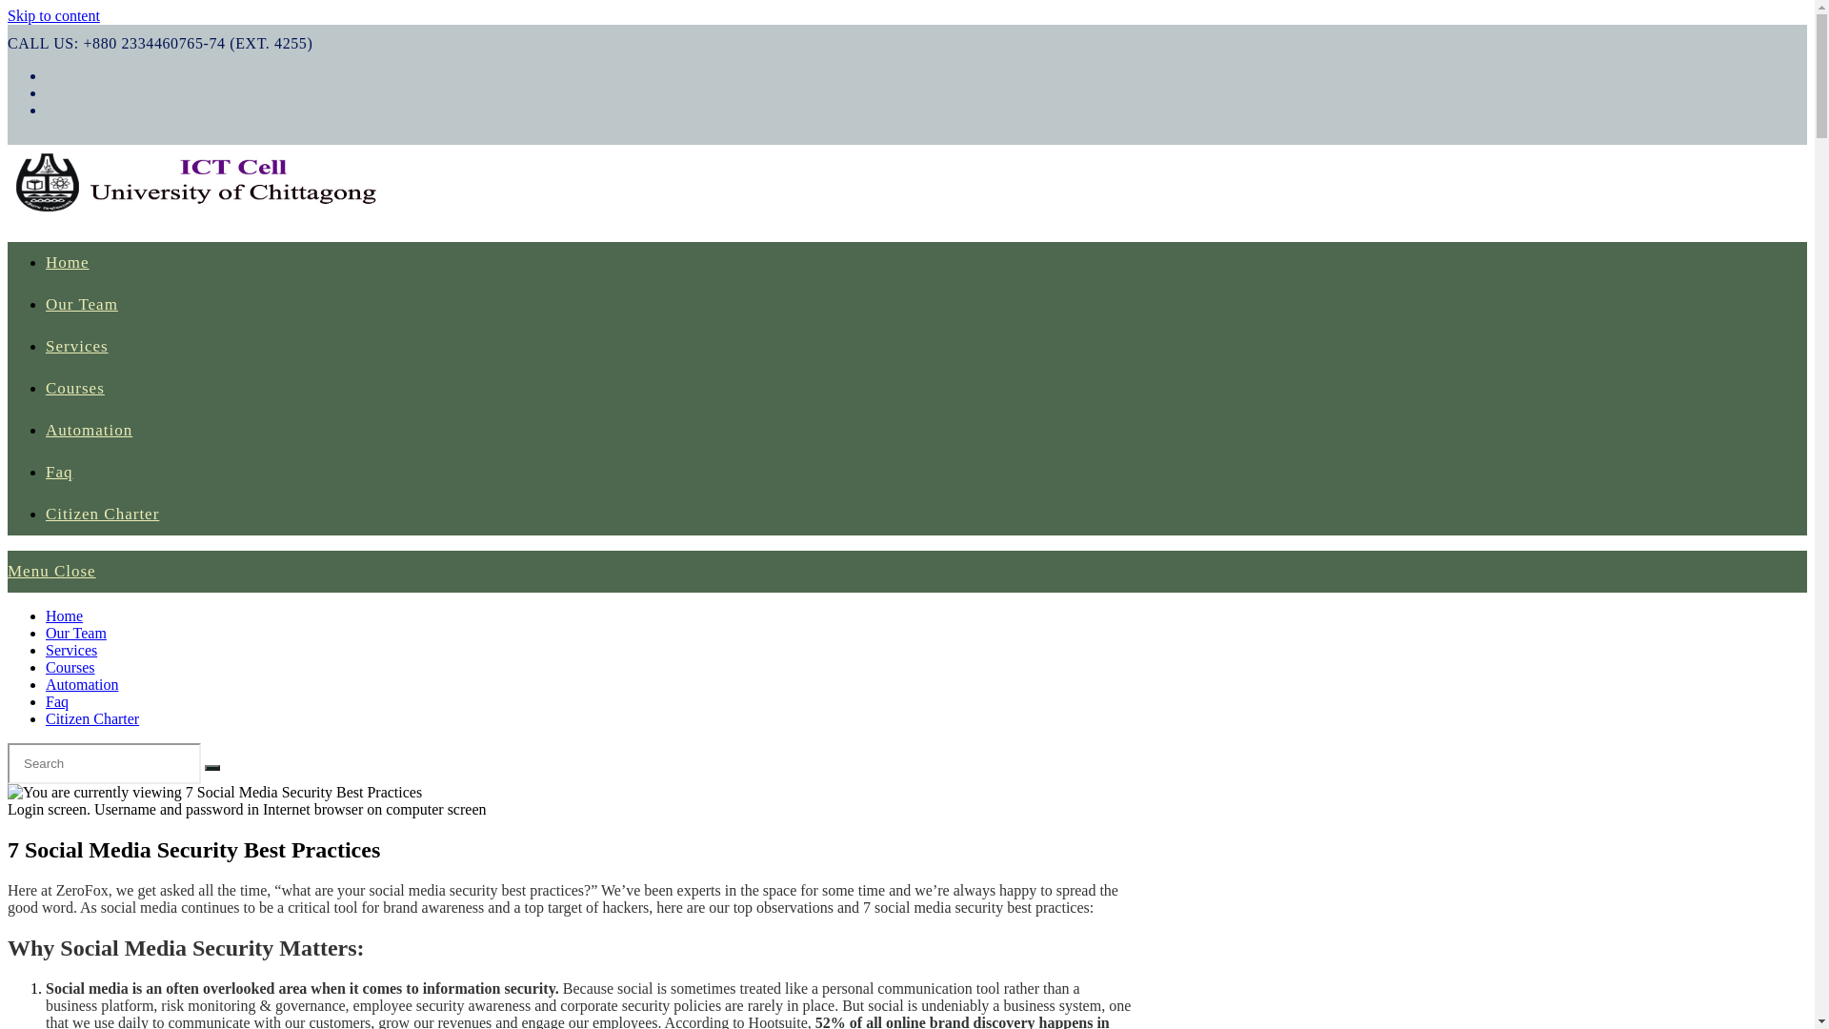 This screenshot has width=1829, height=1029. Describe the element at coordinates (46, 633) in the screenshot. I see `'Our Team'` at that location.